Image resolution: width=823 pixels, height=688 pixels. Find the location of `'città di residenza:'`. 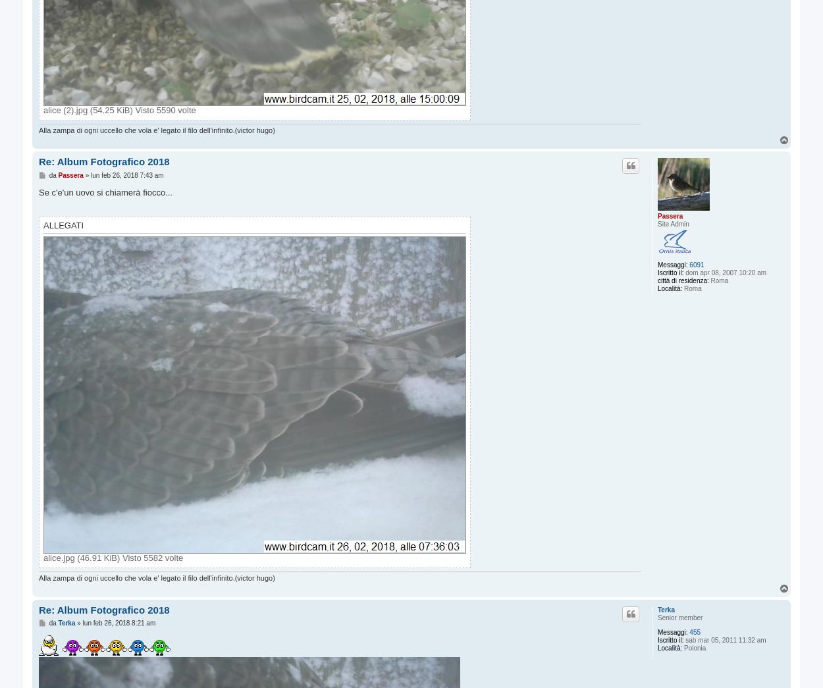

'città di residenza:' is located at coordinates (683, 280).